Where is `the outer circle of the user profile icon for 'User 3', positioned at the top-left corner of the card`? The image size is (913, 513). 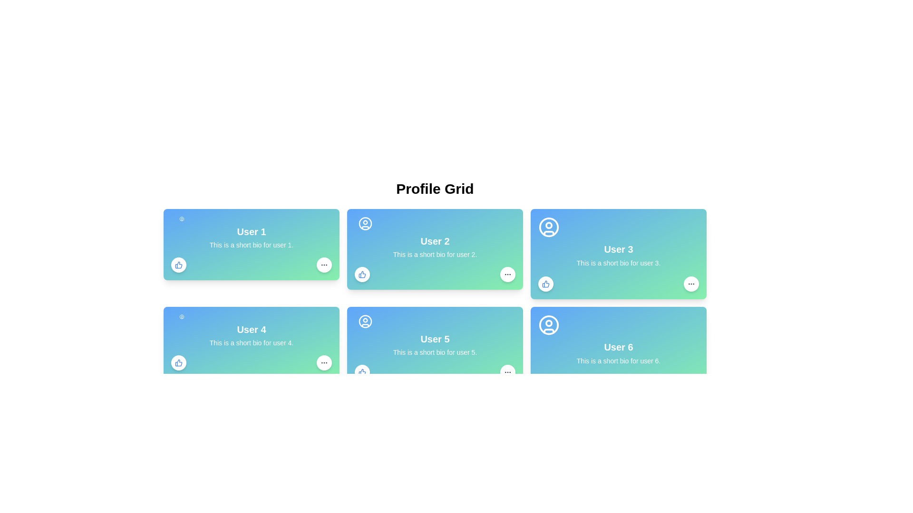 the outer circle of the user profile icon for 'User 3', positioned at the top-left corner of the card is located at coordinates (549, 227).